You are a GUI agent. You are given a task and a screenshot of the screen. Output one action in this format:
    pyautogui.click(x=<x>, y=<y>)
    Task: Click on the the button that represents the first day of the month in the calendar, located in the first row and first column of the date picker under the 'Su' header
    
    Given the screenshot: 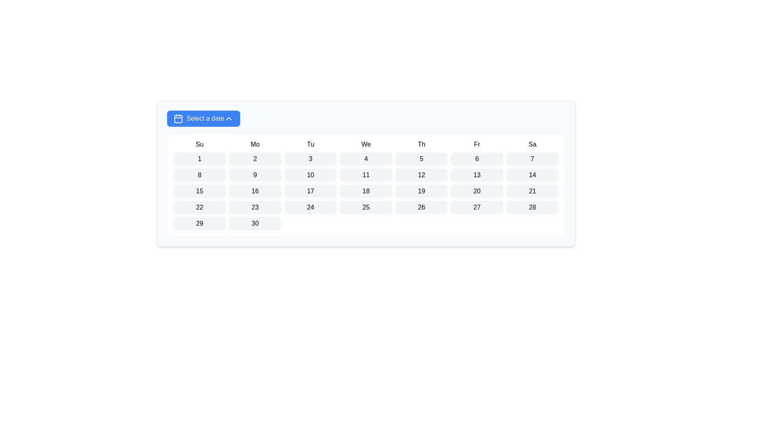 What is the action you would take?
    pyautogui.click(x=199, y=159)
    